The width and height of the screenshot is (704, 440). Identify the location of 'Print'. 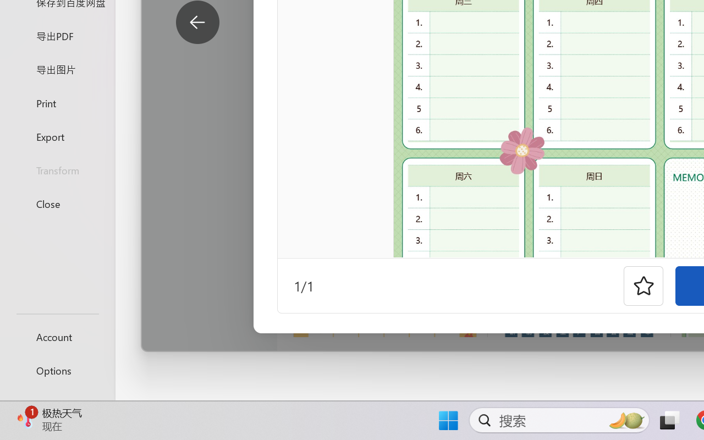
(57, 102).